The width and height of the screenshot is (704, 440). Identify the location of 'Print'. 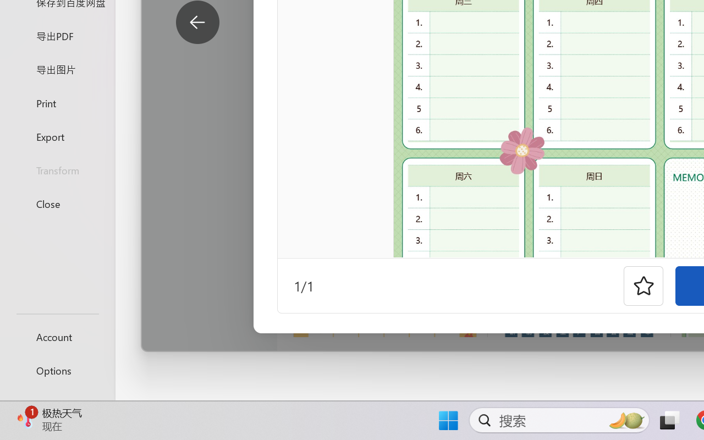
(57, 102).